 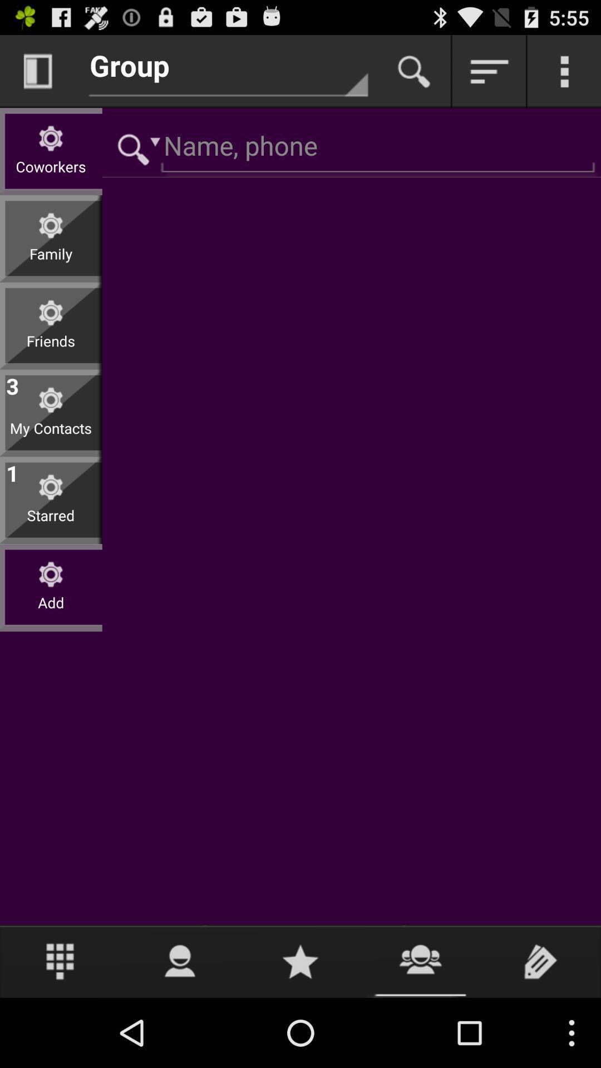 I want to click on open friends tab, so click(x=421, y=961).